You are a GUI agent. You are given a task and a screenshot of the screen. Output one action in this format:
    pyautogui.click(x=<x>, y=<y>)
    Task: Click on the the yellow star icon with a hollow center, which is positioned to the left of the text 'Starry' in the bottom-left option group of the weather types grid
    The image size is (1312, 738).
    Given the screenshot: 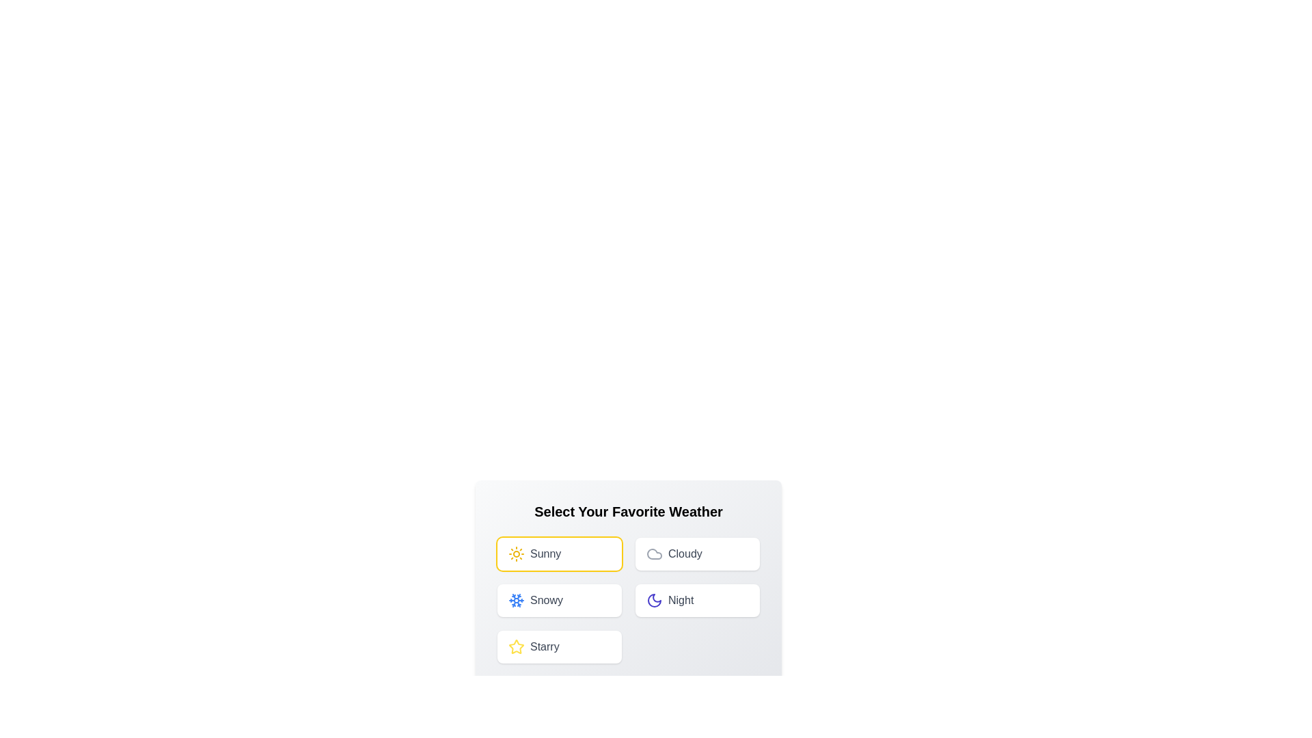 What is the action you would take?
    pyautogui.click(x=515, y=646)
    